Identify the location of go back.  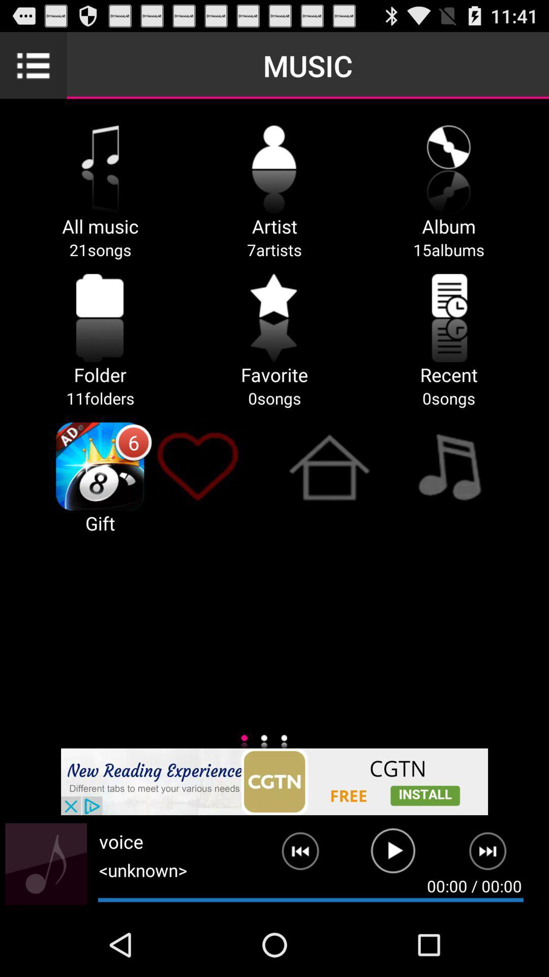
(292, 855).